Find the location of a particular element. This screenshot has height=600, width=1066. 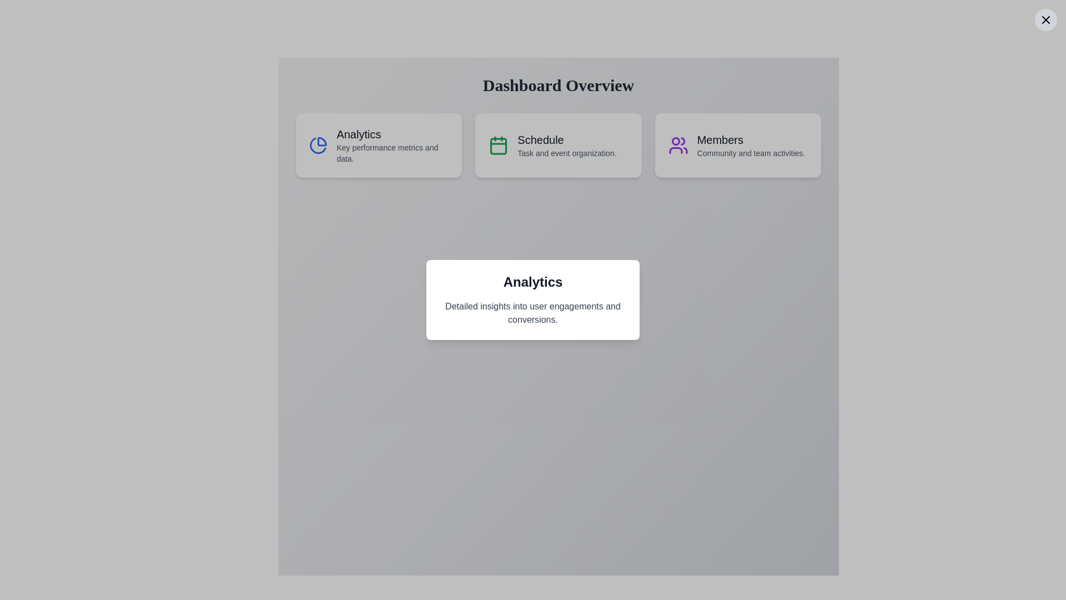

the calendar icon located to the left within the Schedule card on the Dashboard Overview page, next to the text description 'Task and event organization.' is located at coordinates (498, 145).